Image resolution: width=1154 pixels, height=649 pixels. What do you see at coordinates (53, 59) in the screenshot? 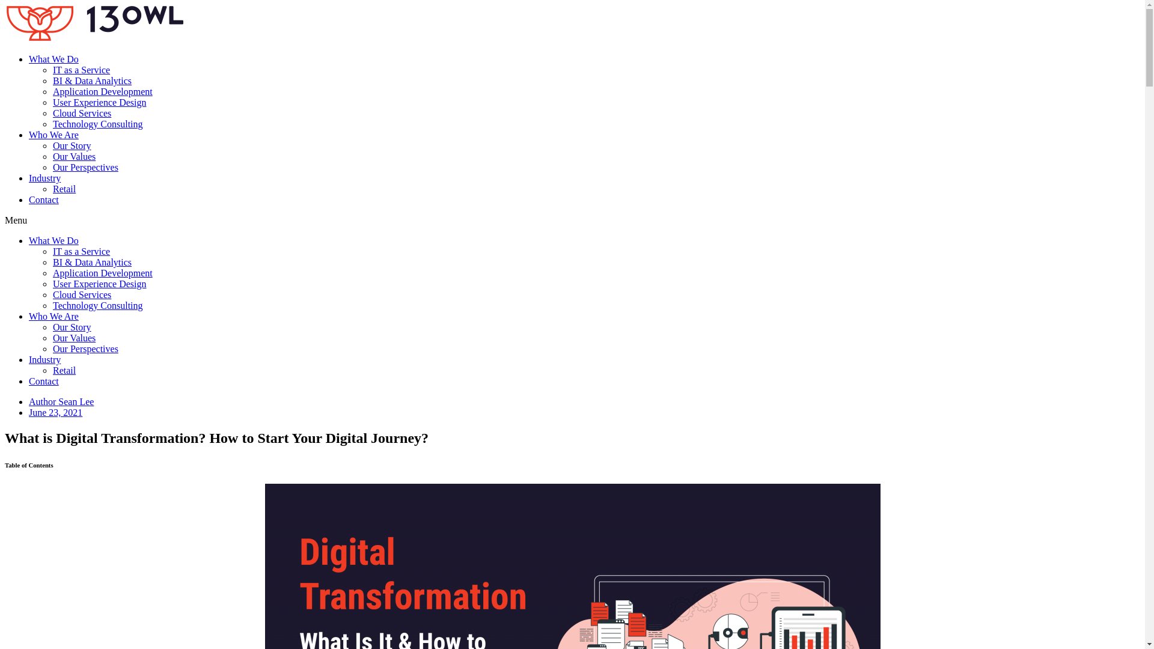
I see `'What We Do'` at bounding box center [53, 59].